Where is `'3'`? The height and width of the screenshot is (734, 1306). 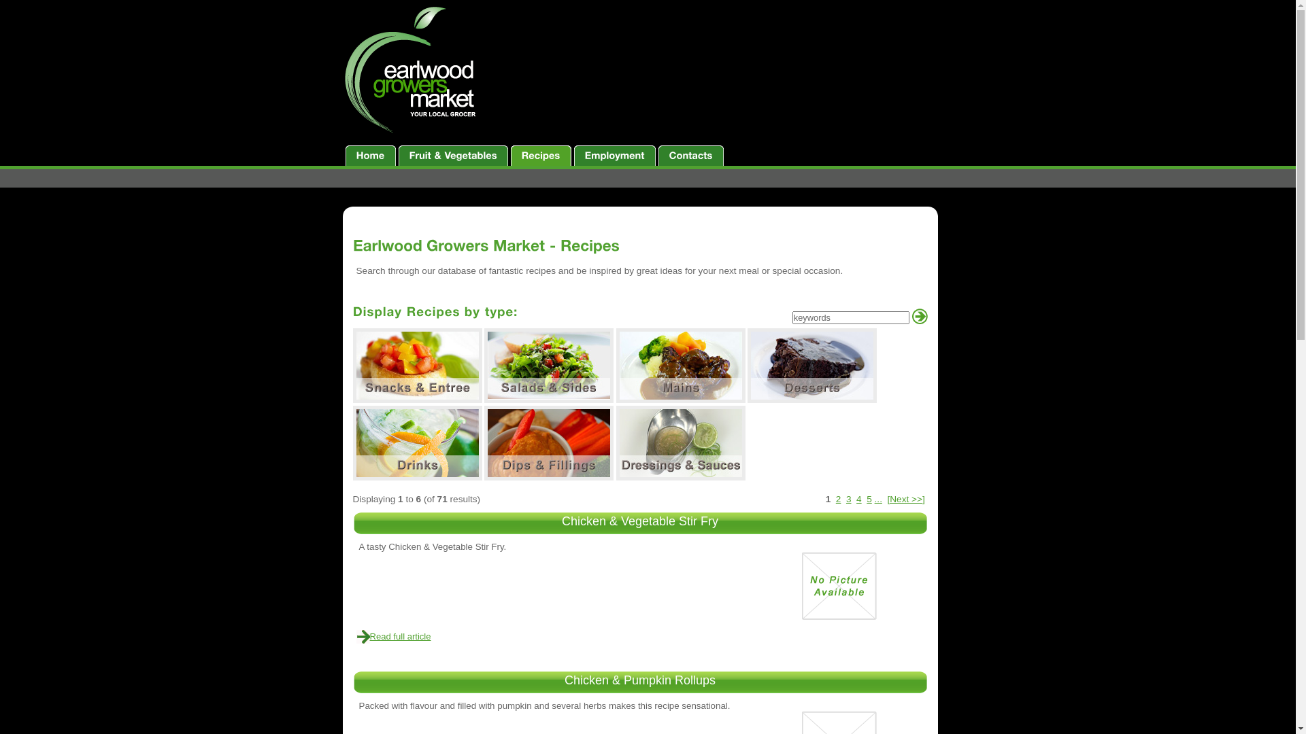 '3' is located at coordinates (845, 499).